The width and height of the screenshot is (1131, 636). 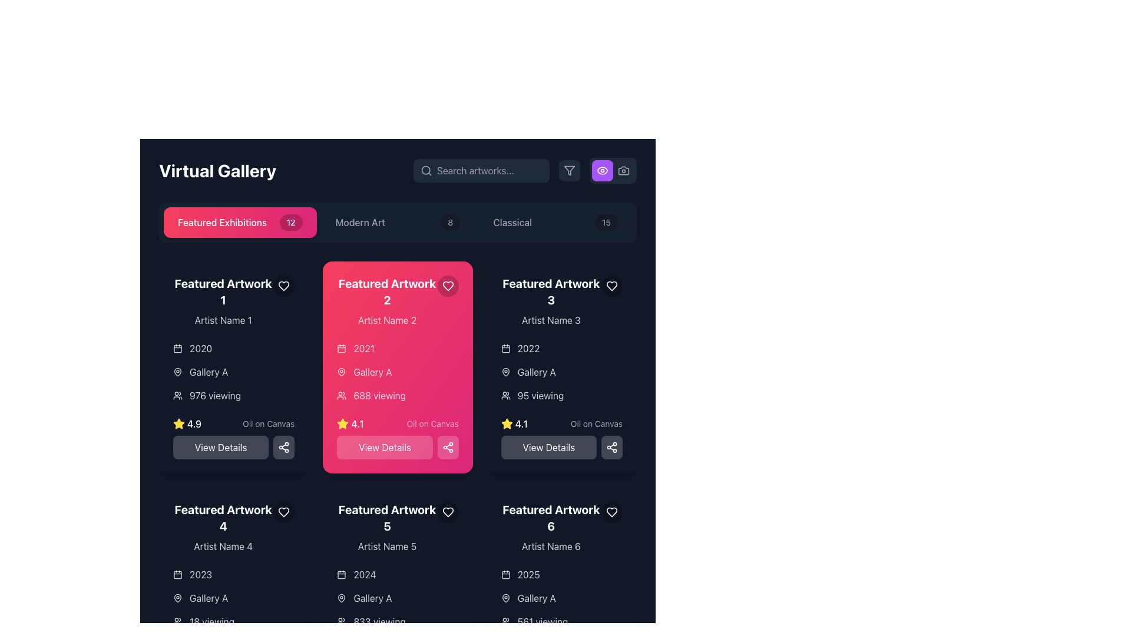 I want to click on the text label indicating the rating score for 'Featured Artwork 1', located at the bottom-left corner of the card next to a yellow star icon, so click(x=194, y=424).